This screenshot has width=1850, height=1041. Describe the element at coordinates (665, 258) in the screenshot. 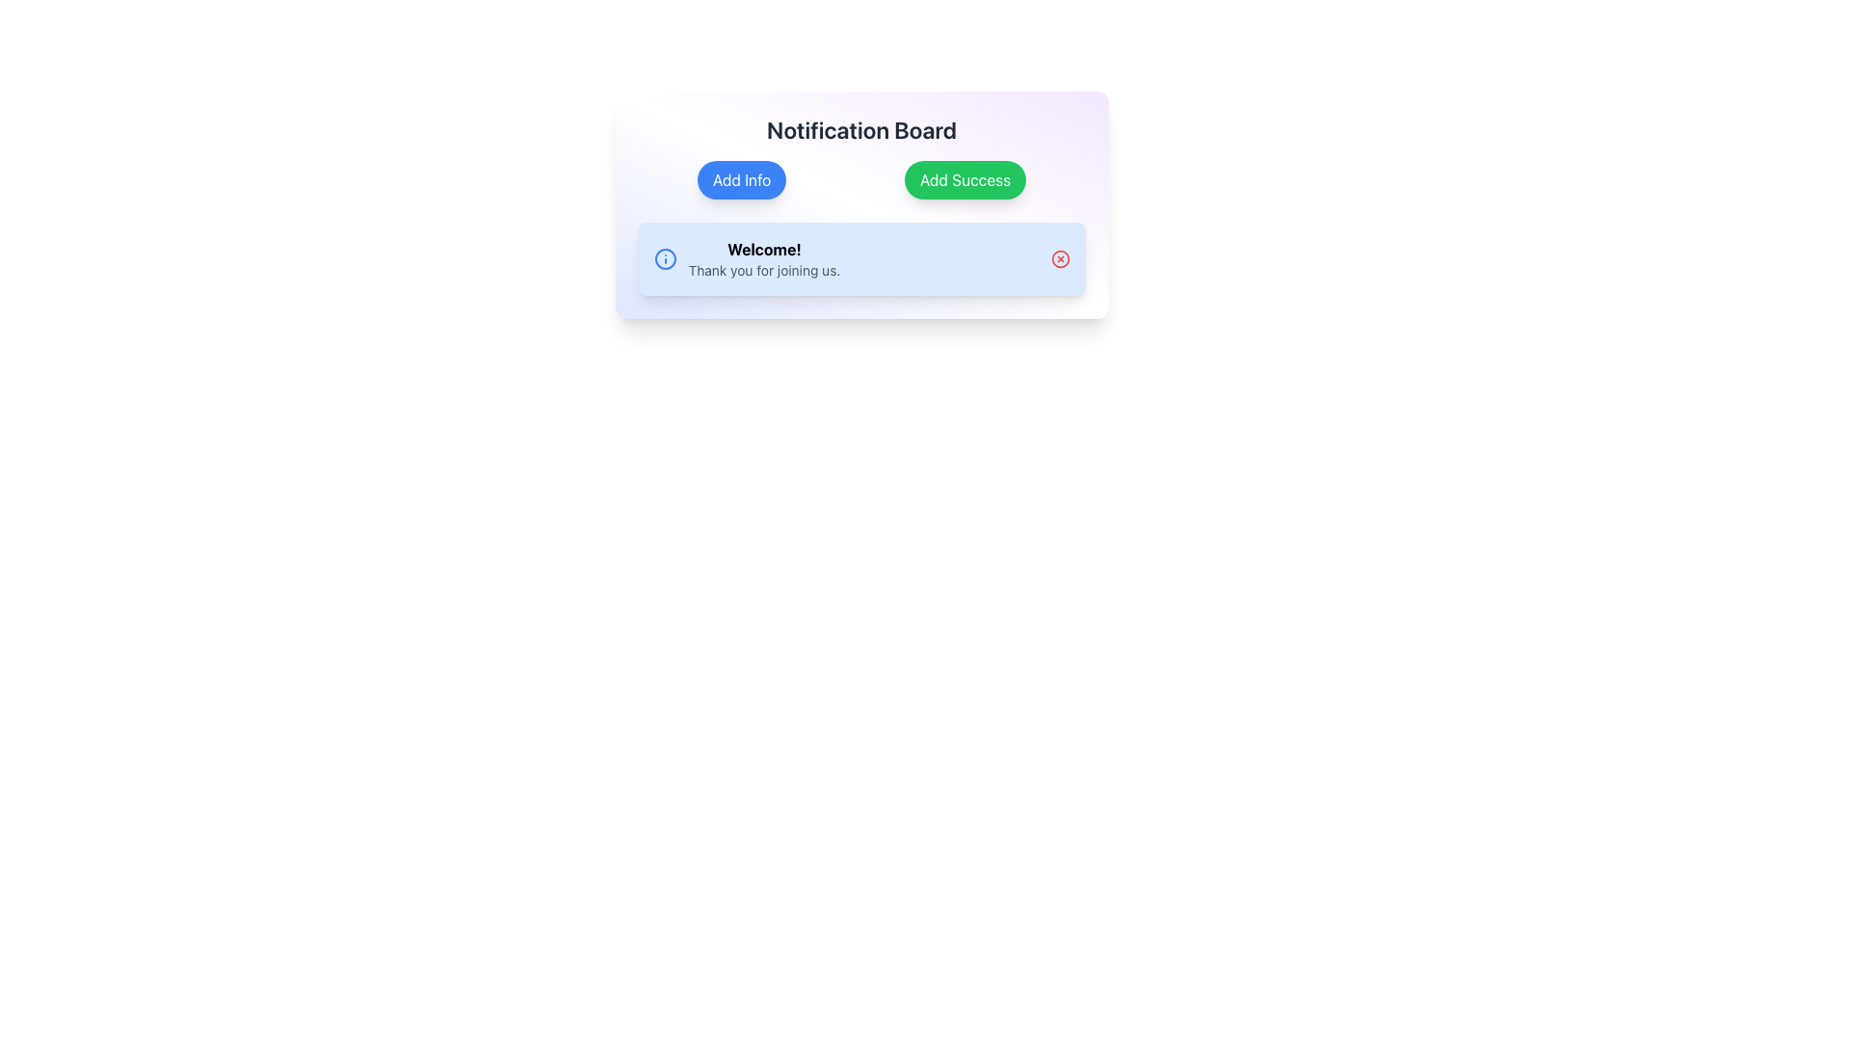

I see `the informational icon located within the notification card, adjacent to the text 'Welcome! Thank you for joining us.'` at that location.